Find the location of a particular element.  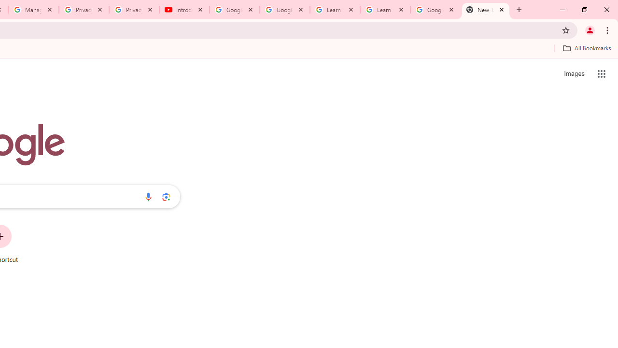

'All Bookmarks' is located at coordinates (586, 48).